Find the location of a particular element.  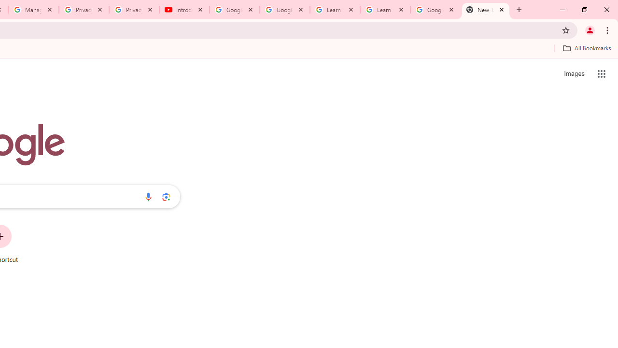

'All Bookmarks' is located at coordinates (586, 48).